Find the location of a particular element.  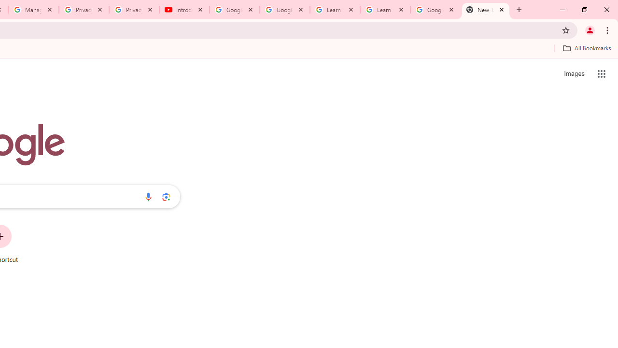

'All Bookmarks' is located at coordinates (586, 48).